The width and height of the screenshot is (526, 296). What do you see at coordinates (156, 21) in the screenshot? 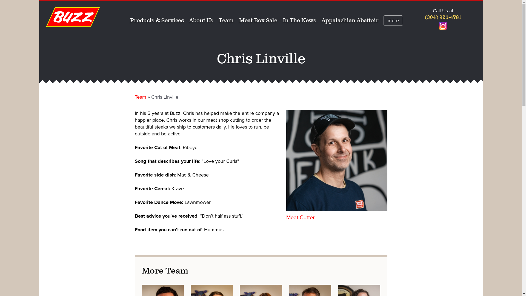
I see `'Products & Services'` at bounding box center [156, 21].